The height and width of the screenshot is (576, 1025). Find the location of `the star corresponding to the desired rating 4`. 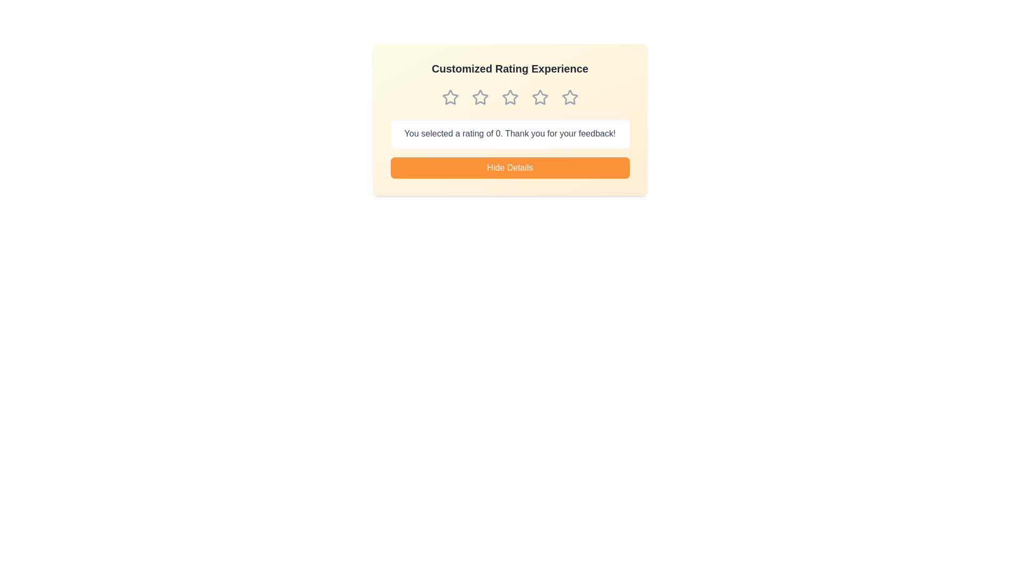

the star corresponding to the desired rating 4 is located at coordinates (540, 97).